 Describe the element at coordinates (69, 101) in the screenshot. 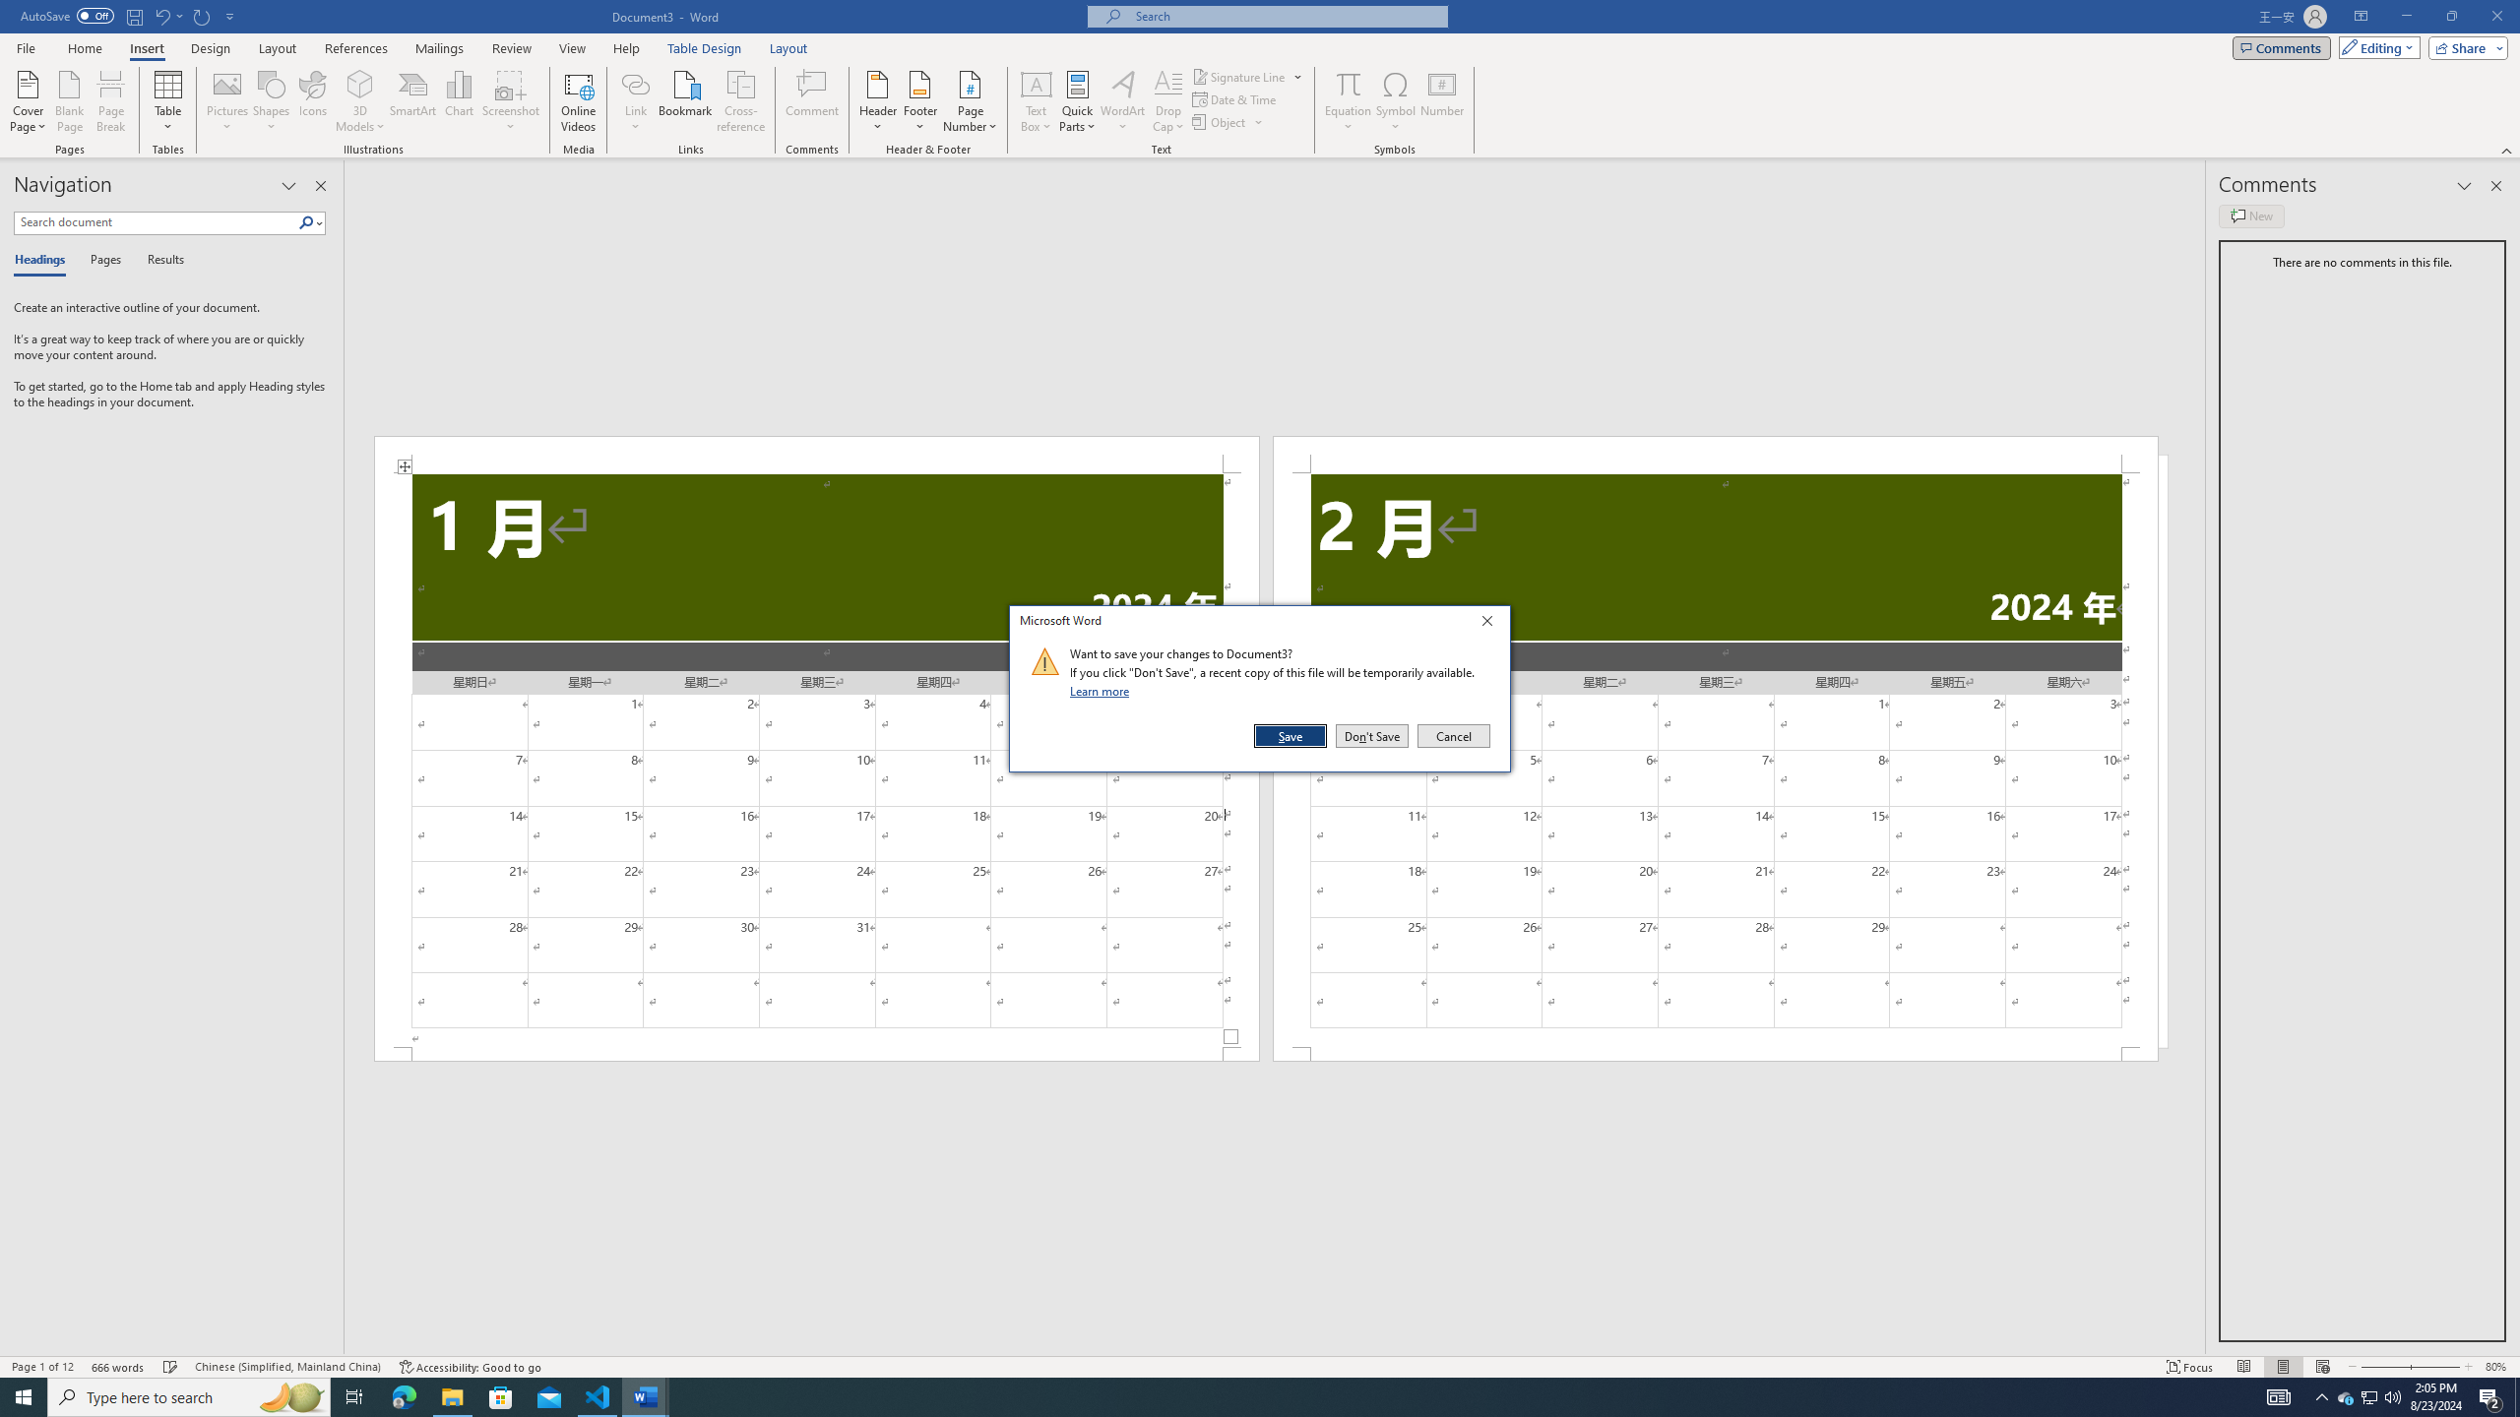

I see `'Blank Page'` at that location.